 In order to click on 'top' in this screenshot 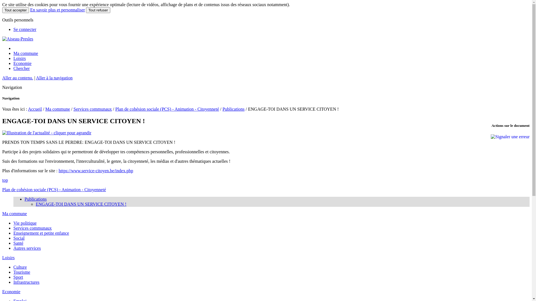, I will do `click(2, 180)`.